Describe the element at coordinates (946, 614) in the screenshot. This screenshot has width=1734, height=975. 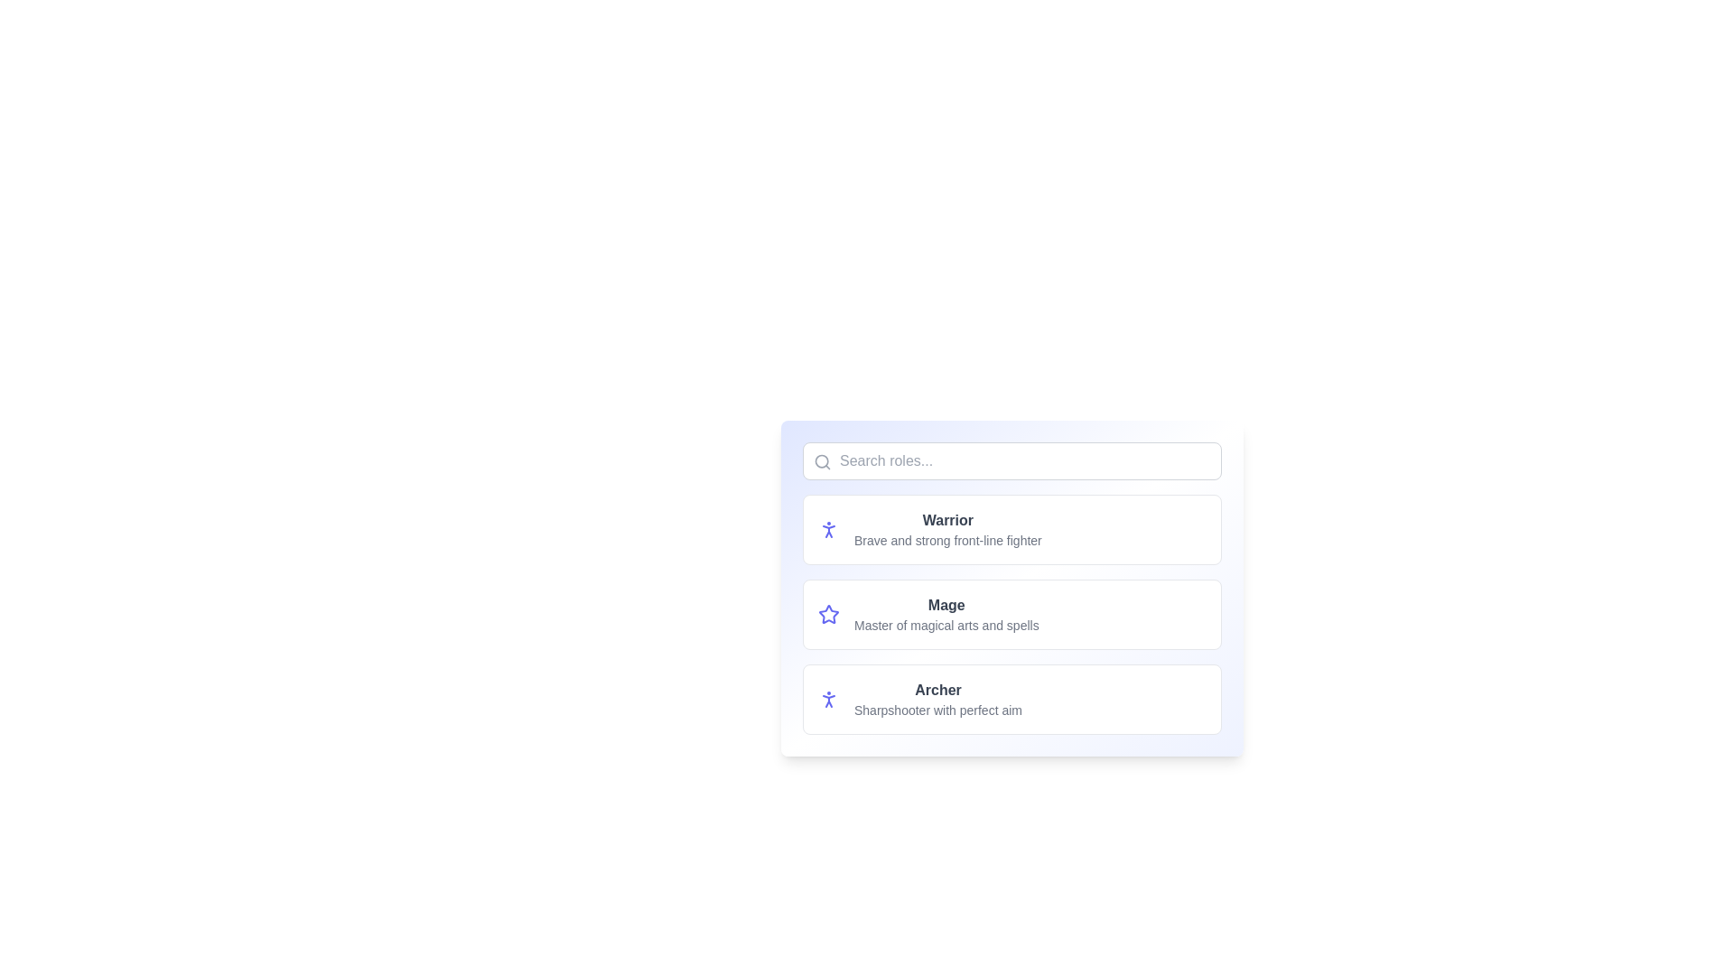
I see `the list item displaying 'Mage' with descriptive text 'Master of magical arts and spells', which is the second card in a vertical list of similar cards` at that location.